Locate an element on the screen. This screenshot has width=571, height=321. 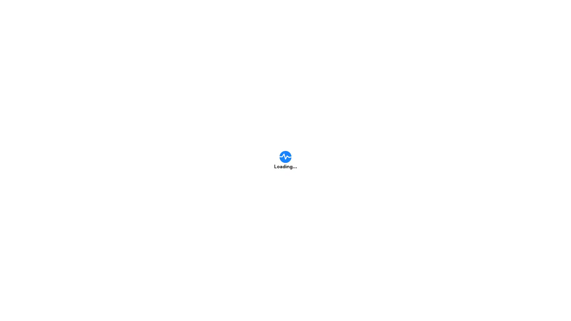
For Business is located at coordinates (405, 12).